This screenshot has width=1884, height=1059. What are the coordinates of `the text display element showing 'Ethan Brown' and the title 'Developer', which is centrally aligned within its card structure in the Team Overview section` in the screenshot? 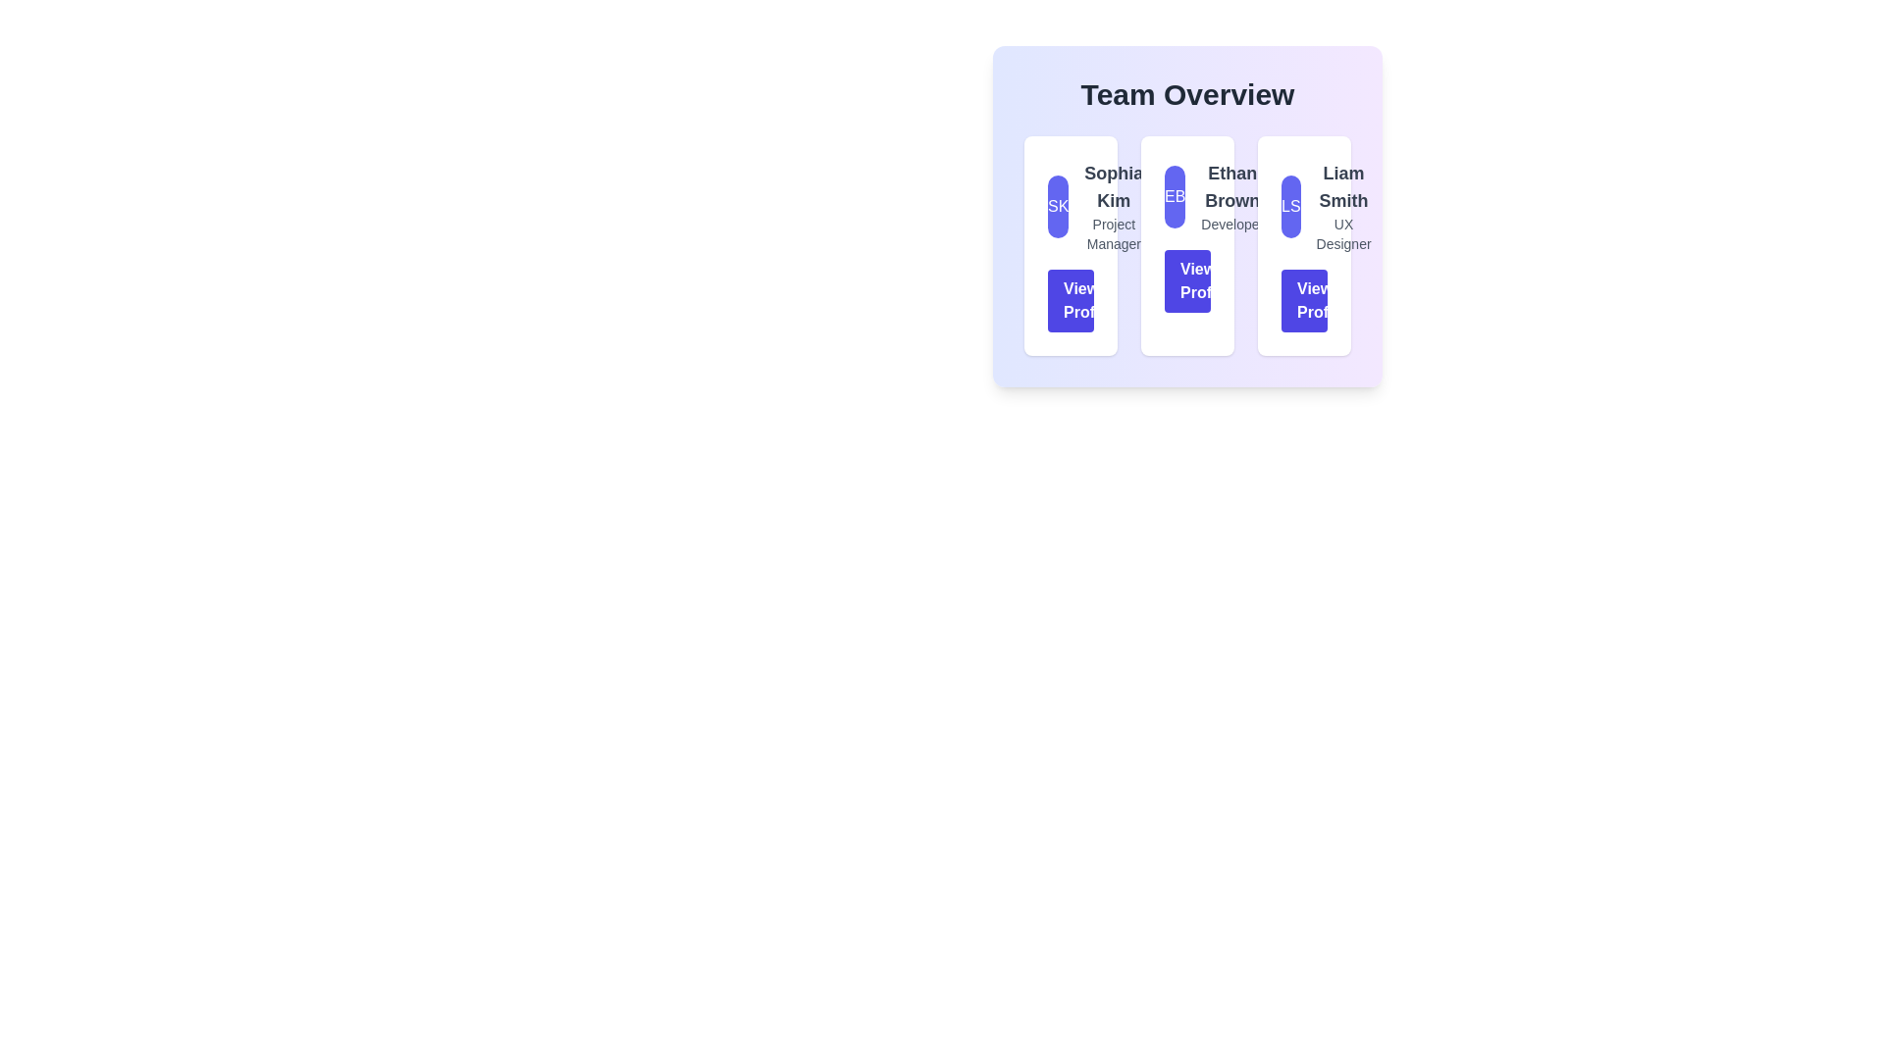 It's located at (1231, 196).